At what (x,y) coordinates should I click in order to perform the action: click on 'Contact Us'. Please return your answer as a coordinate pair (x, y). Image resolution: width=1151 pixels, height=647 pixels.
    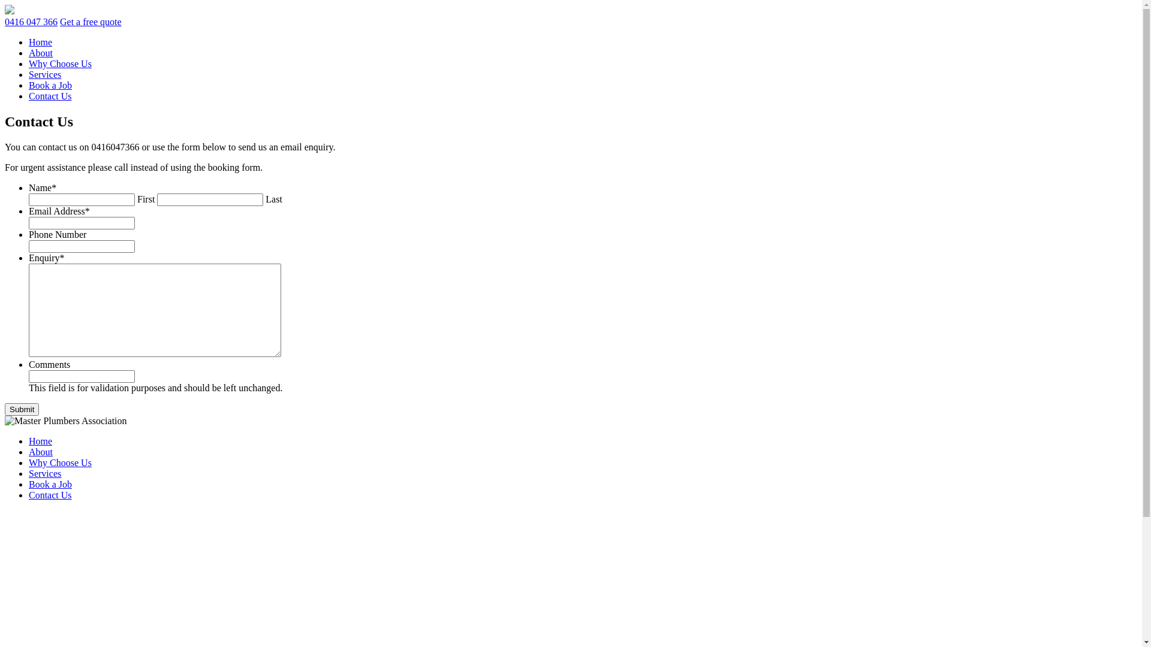
    Looking at the image, I should click on (49, 495).